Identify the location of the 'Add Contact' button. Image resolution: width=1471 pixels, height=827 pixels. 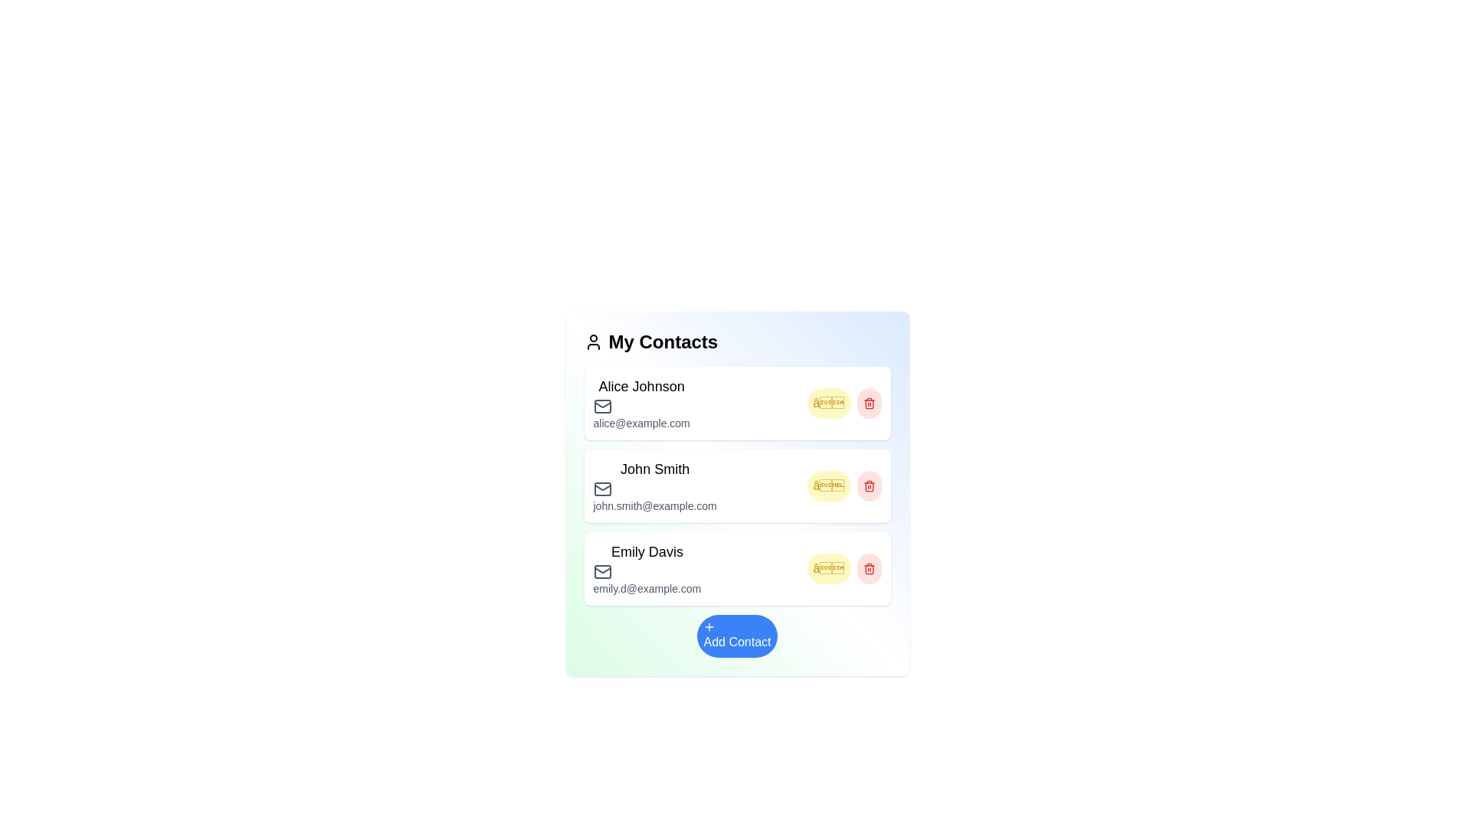
(737, 636).